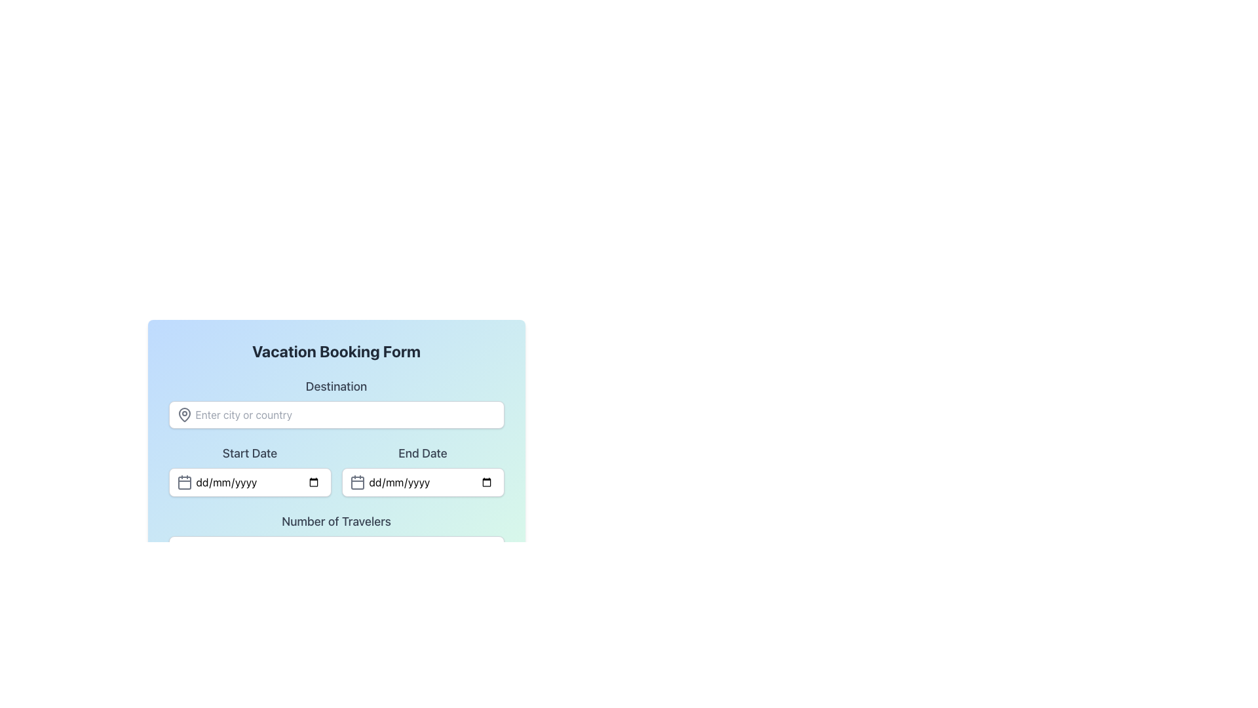  Describe the element at coordinates (250, 482) in the screenshot. I see `the Date Input Field below the 'Start Date' label to focus and open the date picker for event or booking specifications` at that location.